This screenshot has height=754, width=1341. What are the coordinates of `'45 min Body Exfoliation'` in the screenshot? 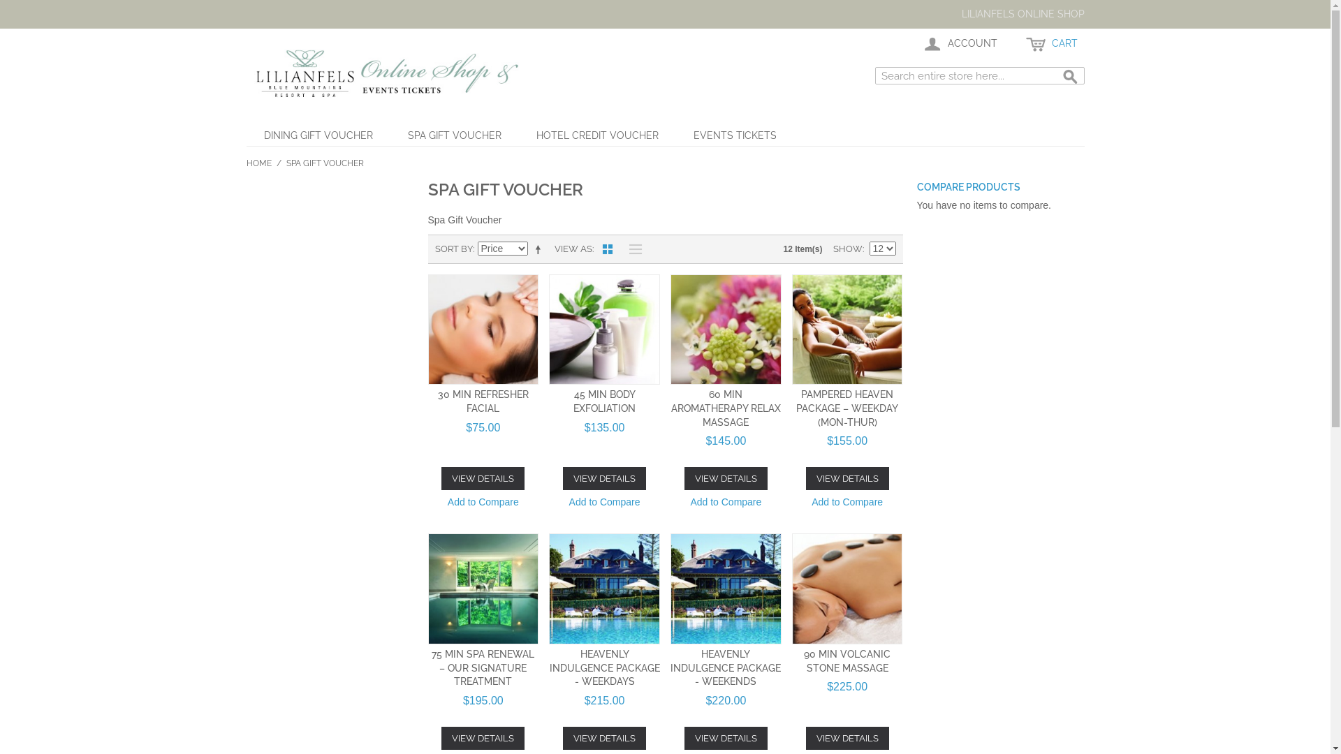 It's located at (604, 330).